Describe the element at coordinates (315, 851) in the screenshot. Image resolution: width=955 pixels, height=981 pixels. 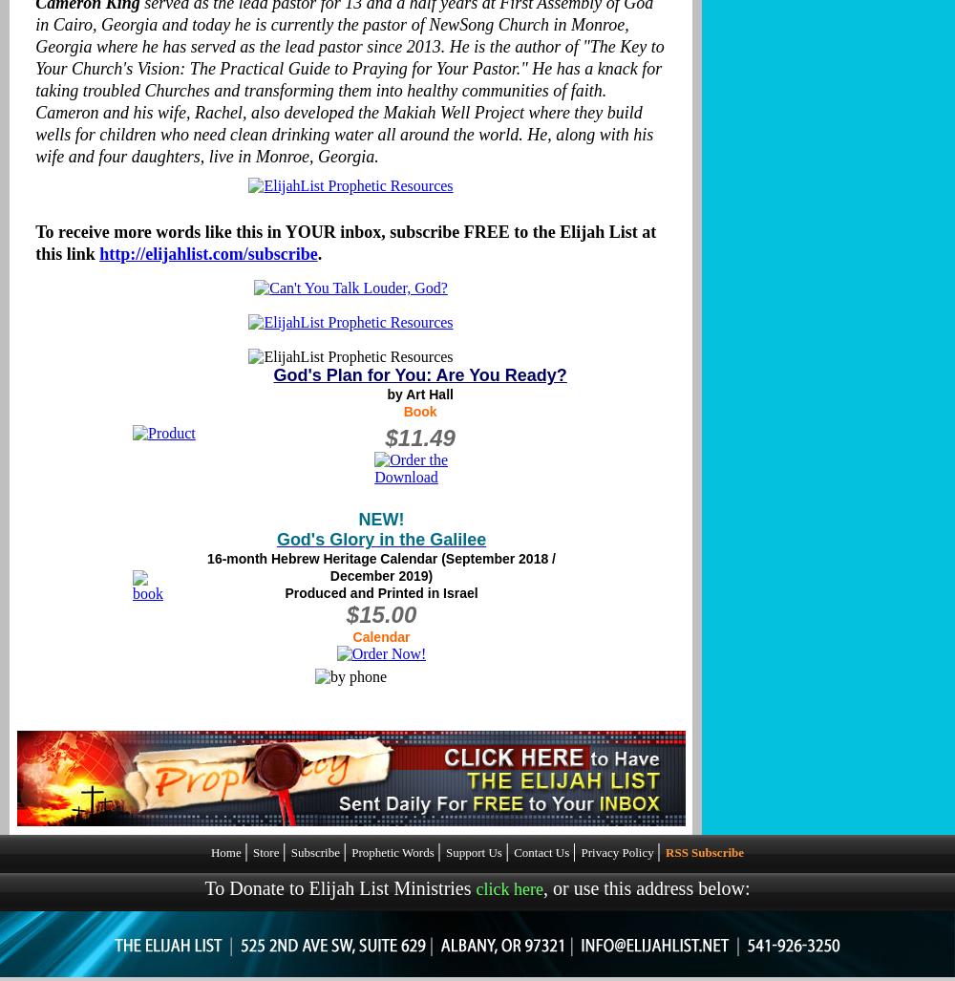
I see `'Subscribe'` at that location.